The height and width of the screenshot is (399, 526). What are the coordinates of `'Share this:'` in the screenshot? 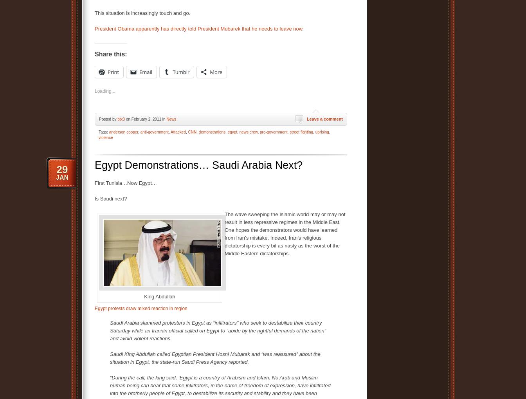 It's located at (111, 54).